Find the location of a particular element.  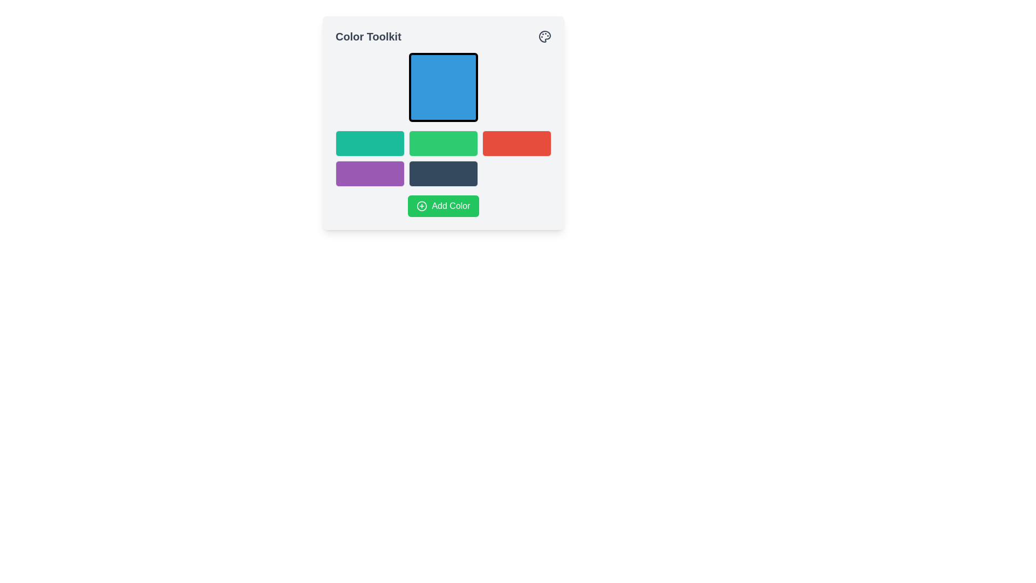

the 'Add Color' button which contains a green circular icon with a plus sign (+) in its center, located at the leftmost position of the button is located at coordinates (421, 206).